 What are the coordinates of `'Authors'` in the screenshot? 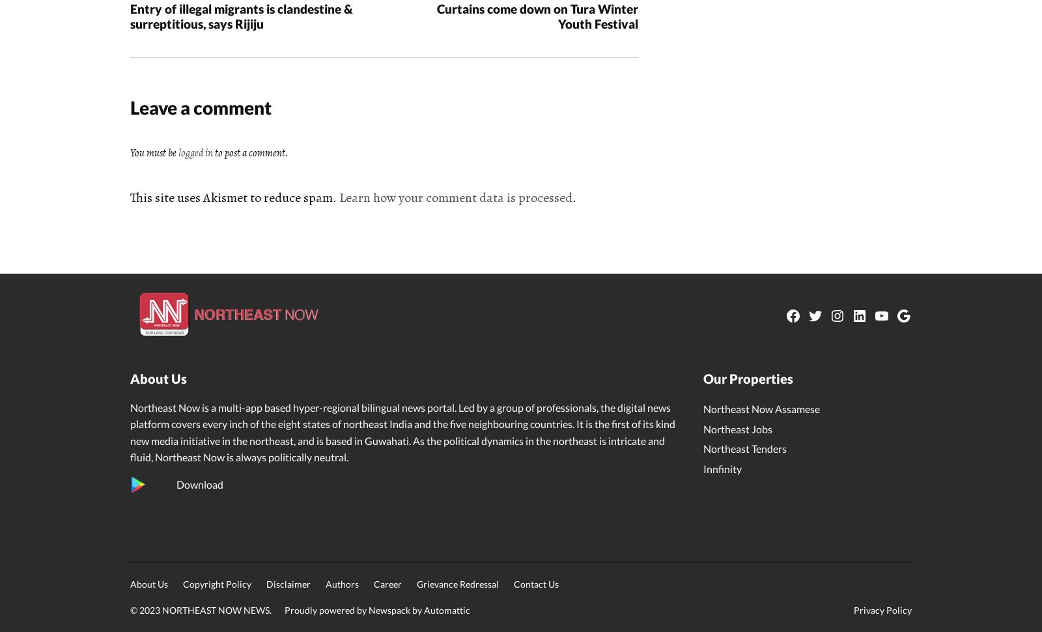 It's located at (325, 584).